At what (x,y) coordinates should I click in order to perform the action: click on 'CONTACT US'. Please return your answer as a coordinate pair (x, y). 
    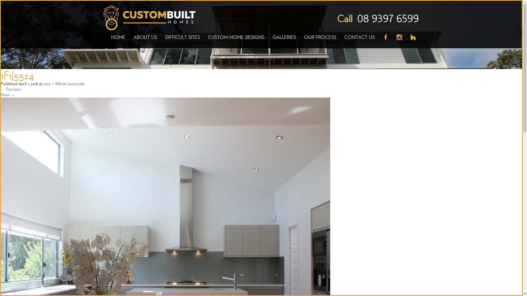
    Looking at the image, I should click on (360, 40).